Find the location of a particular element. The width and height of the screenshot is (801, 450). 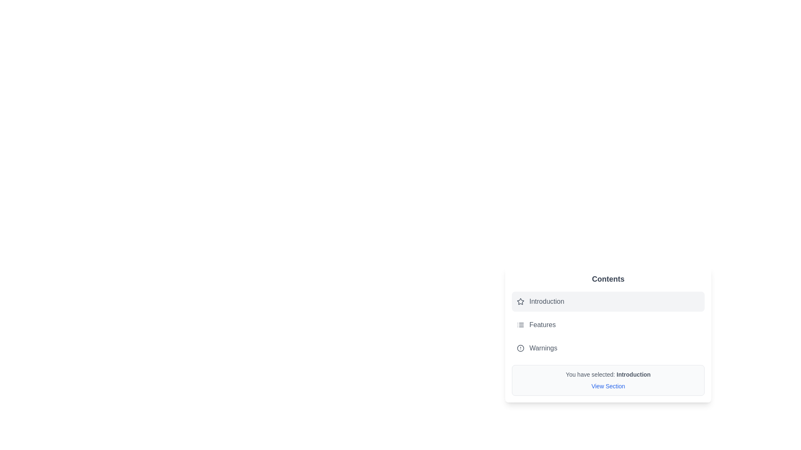

the SVG icon representing the 'Features' section, which is positioned to the left of the text label 'Features' is located at coordinates (520, 324).